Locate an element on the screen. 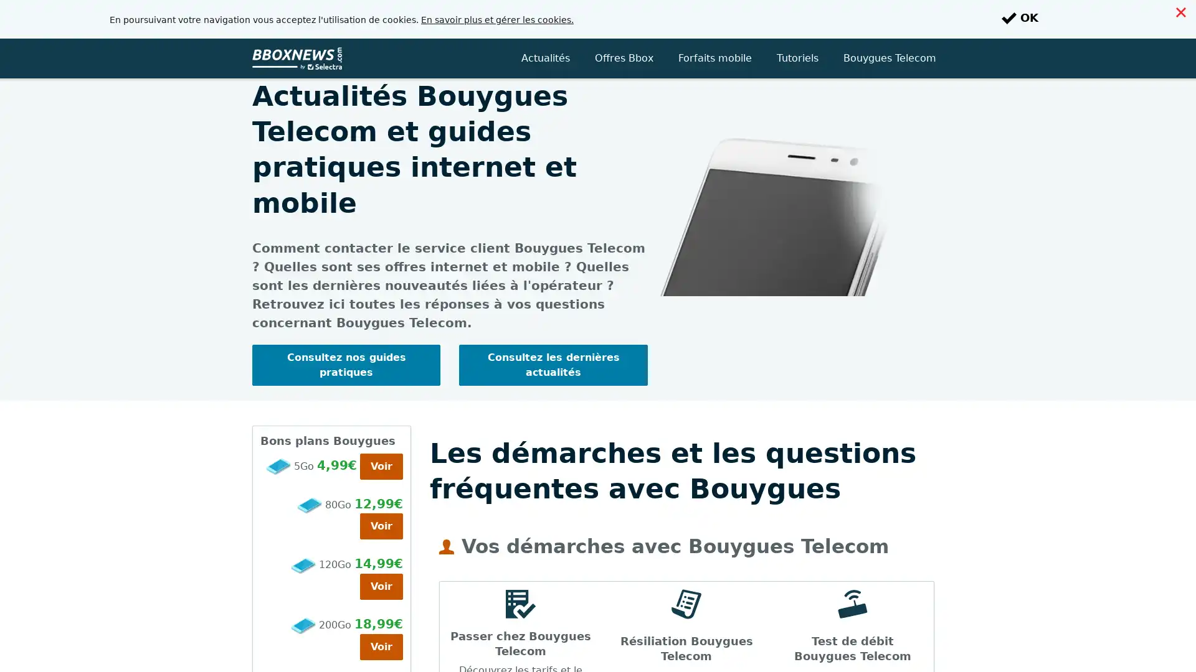 The width and height of the screenshot is (1196, 672). Consultez les dernieres actualites is located at coordinates (553, 325).